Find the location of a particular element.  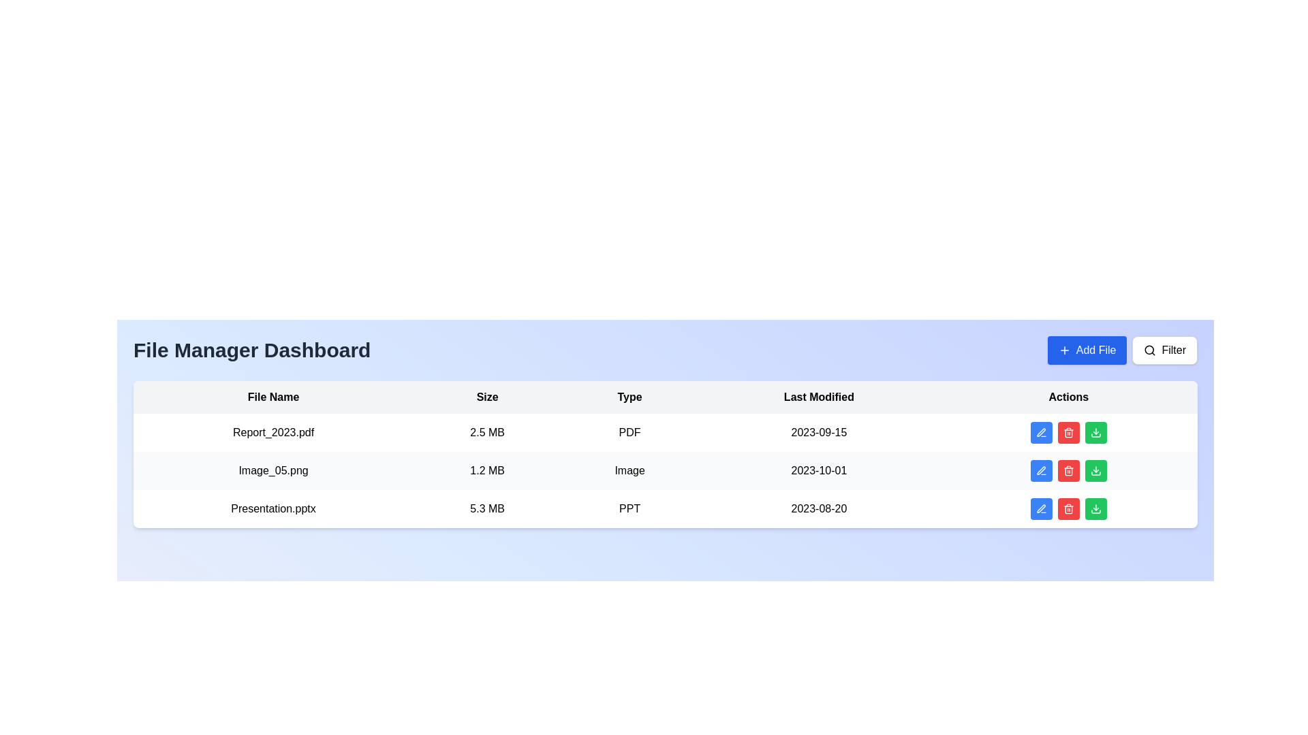

the text label representing the name of the file in the 'File Name' column of the third row in the 'File Manager Dashboard' to copy its name is located at coordinates (272, 509).